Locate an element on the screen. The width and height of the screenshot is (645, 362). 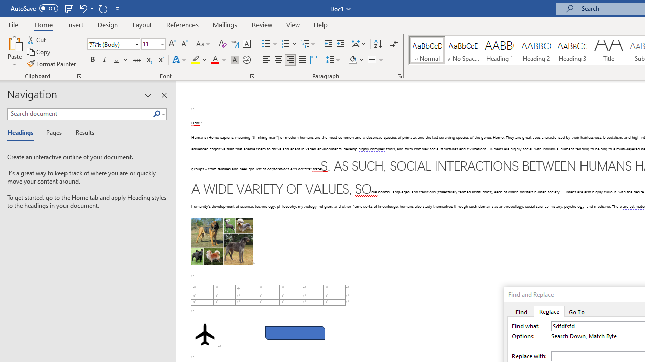
'Sort...' is located at coordinates (377, 43).